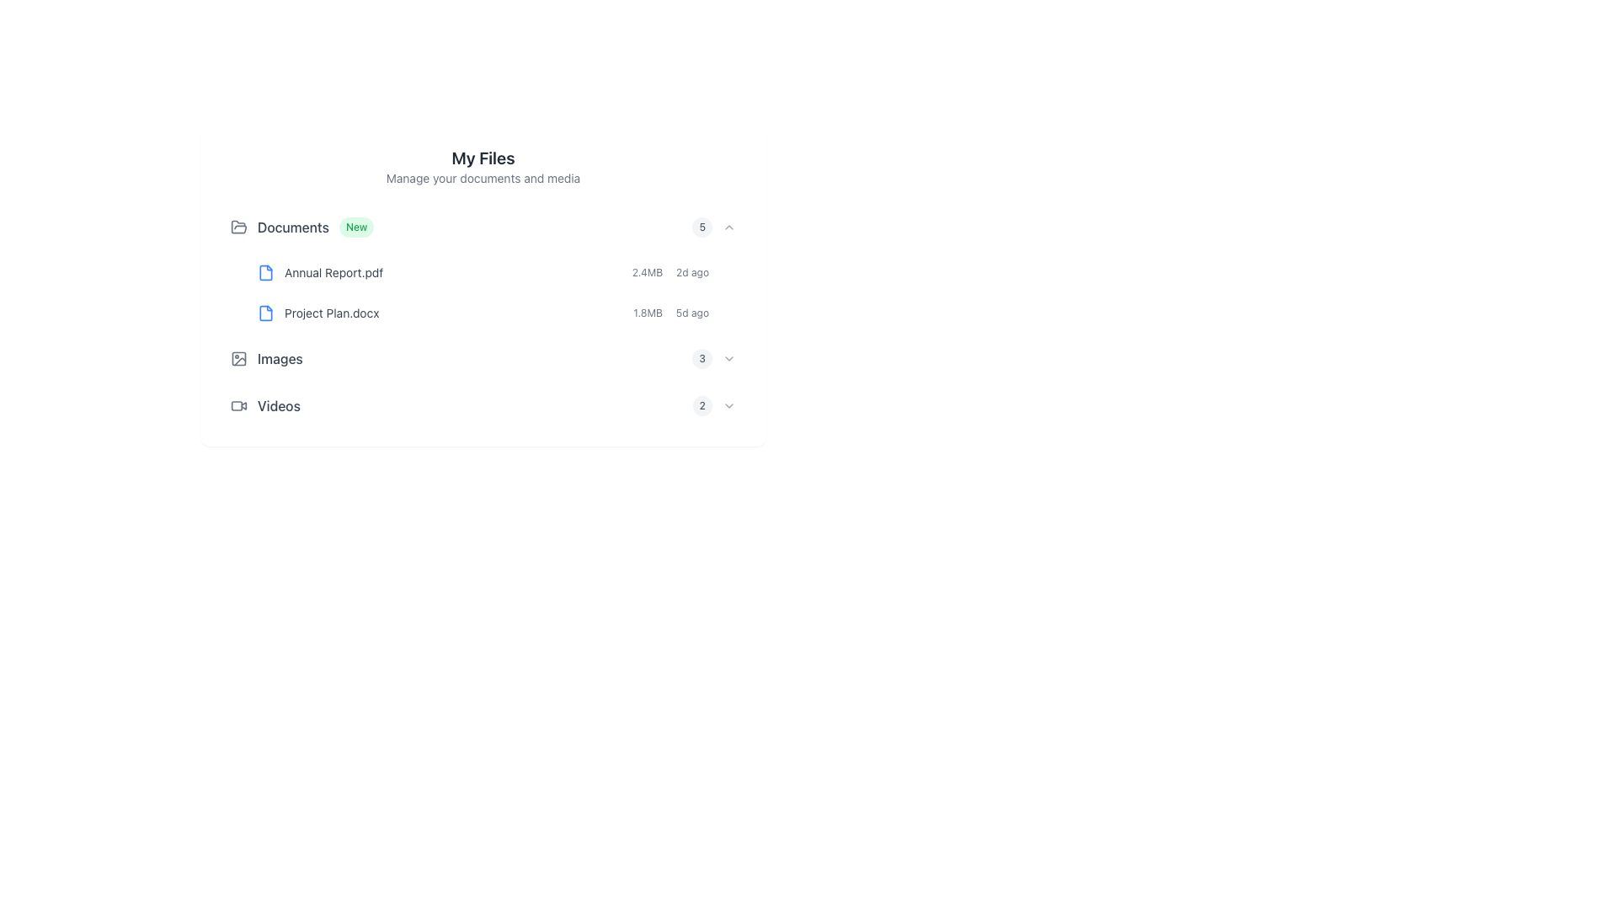  I want to click on the text label displaying '2.4MB' in a small, gray font, located in the first file entry row under the 'Documents' section, aligned with the file name 'Annual Report.pdf' and the timestamp '2d ago', so click(646, 272).